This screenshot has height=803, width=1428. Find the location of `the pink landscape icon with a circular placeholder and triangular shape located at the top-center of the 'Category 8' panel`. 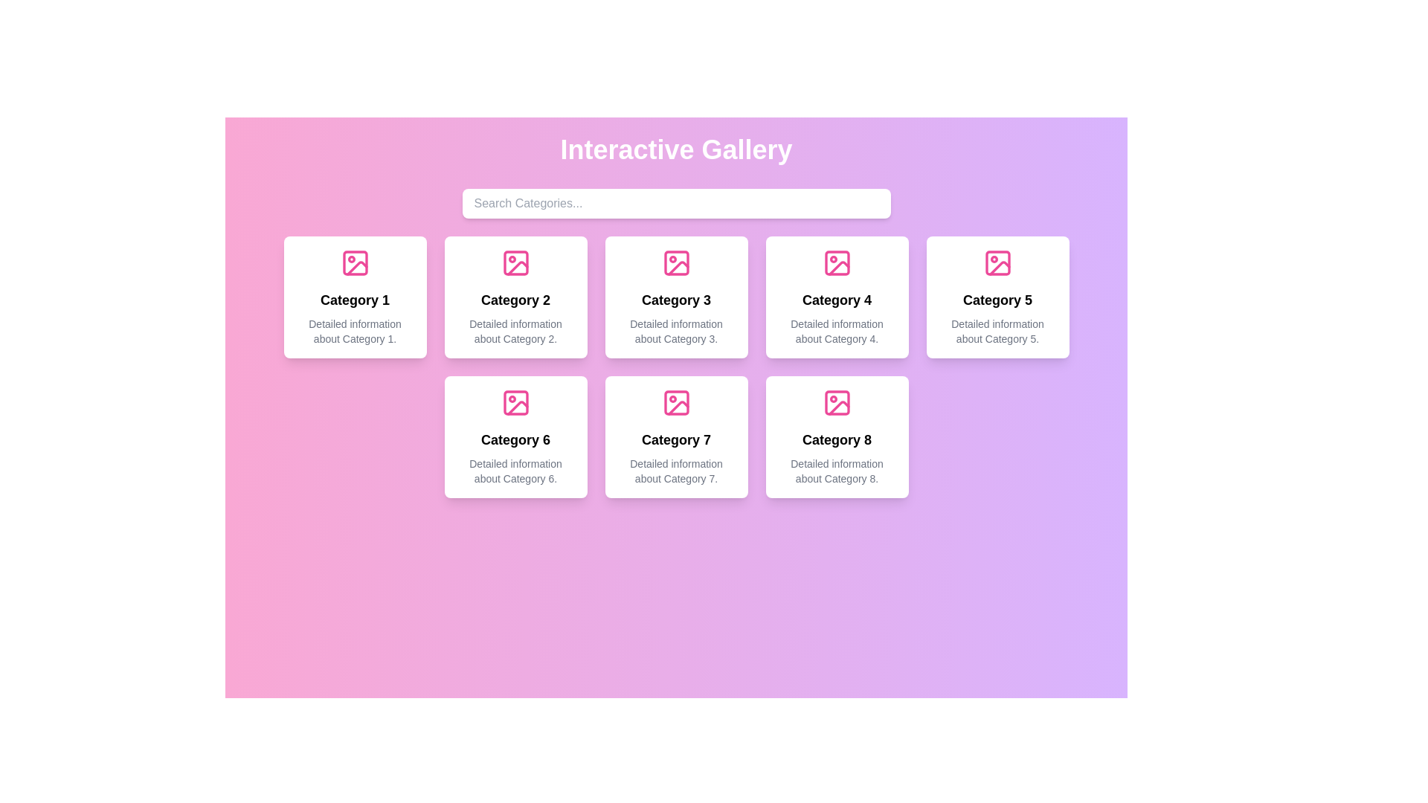

the pink landscape icon with a circular placeholder and triangular shape located at the top-center of the 'Category 8' panel is located at coordinates (837, 403).